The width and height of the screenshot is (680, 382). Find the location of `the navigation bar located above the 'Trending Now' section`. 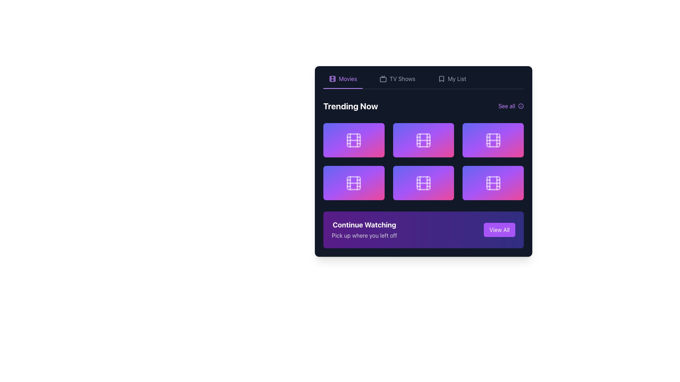

the navigation bar located above the 'Trending Now' section is located at coordinates (423, 81).